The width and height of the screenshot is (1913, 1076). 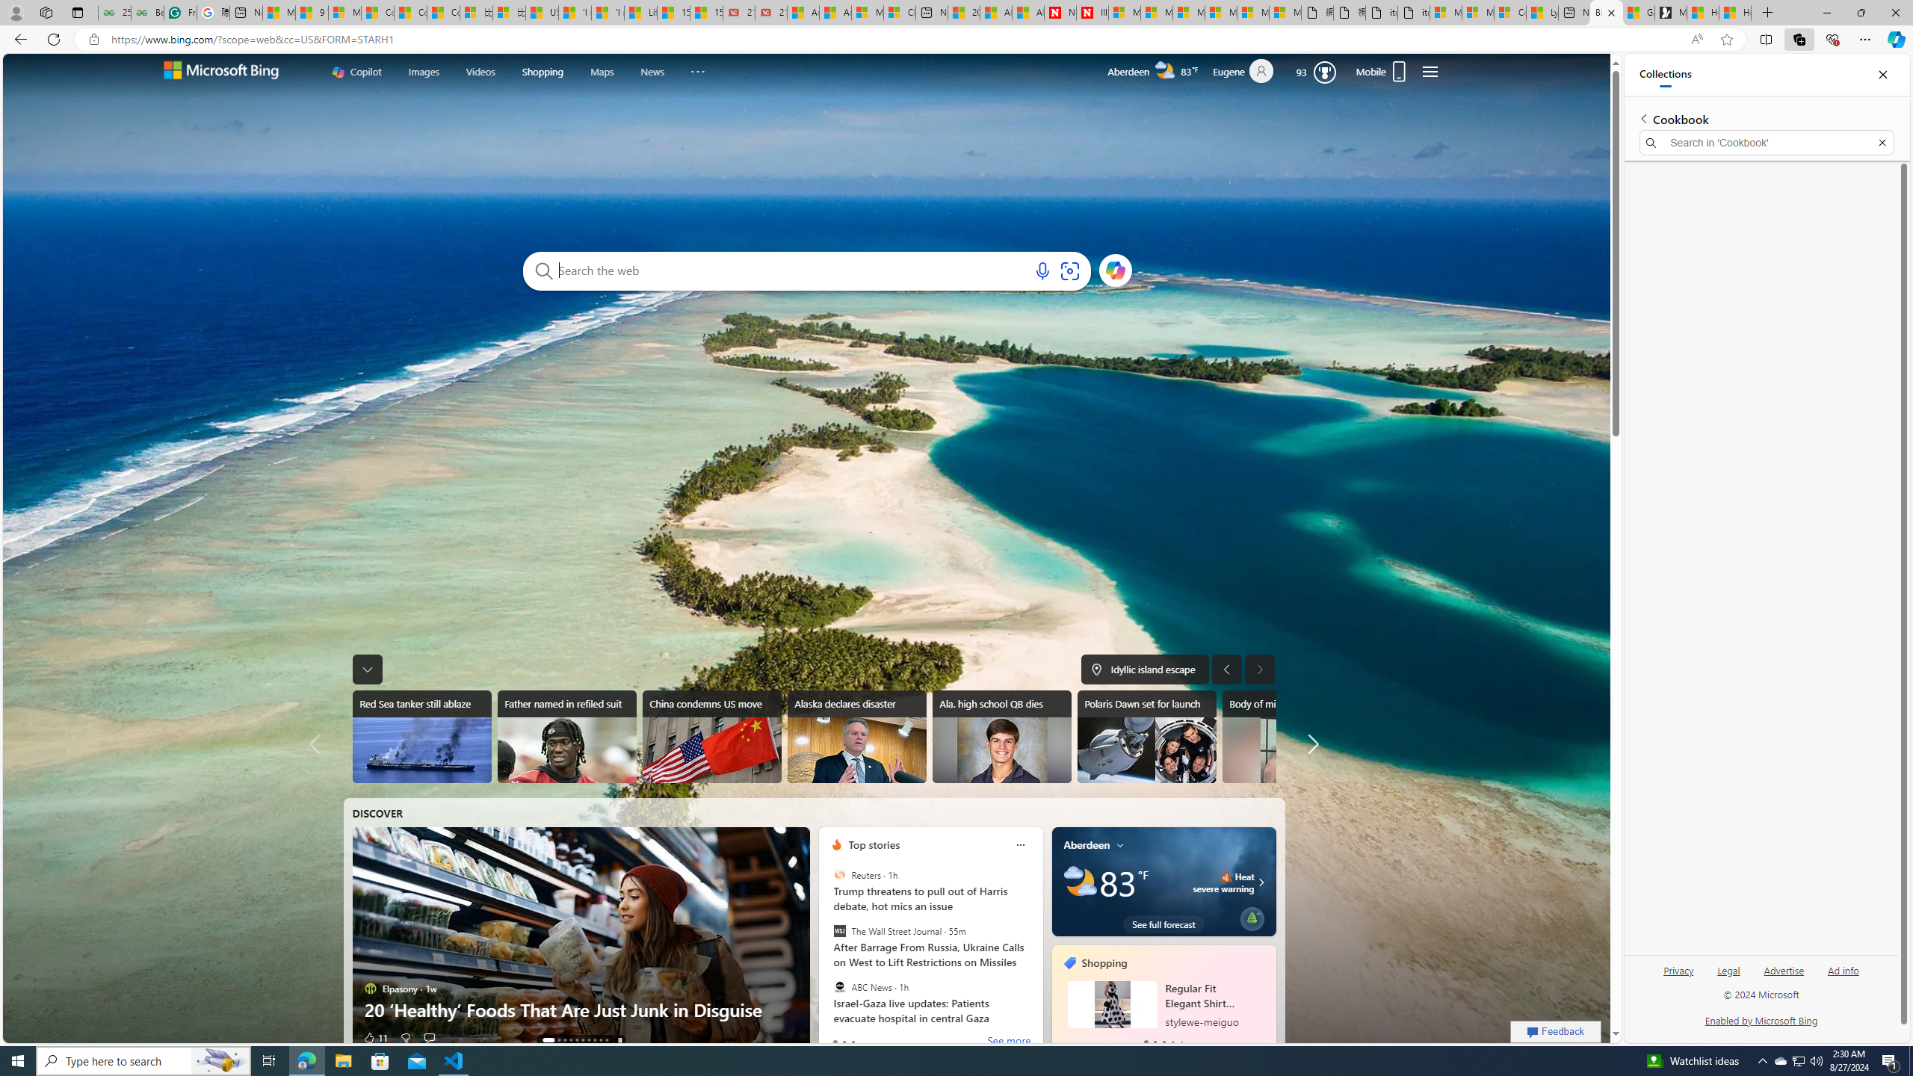 What do you see at coordinates (587, 1039) in the screenshot?
I see `'AutomationID: tab-6'` at bounding box center [587, 1039].